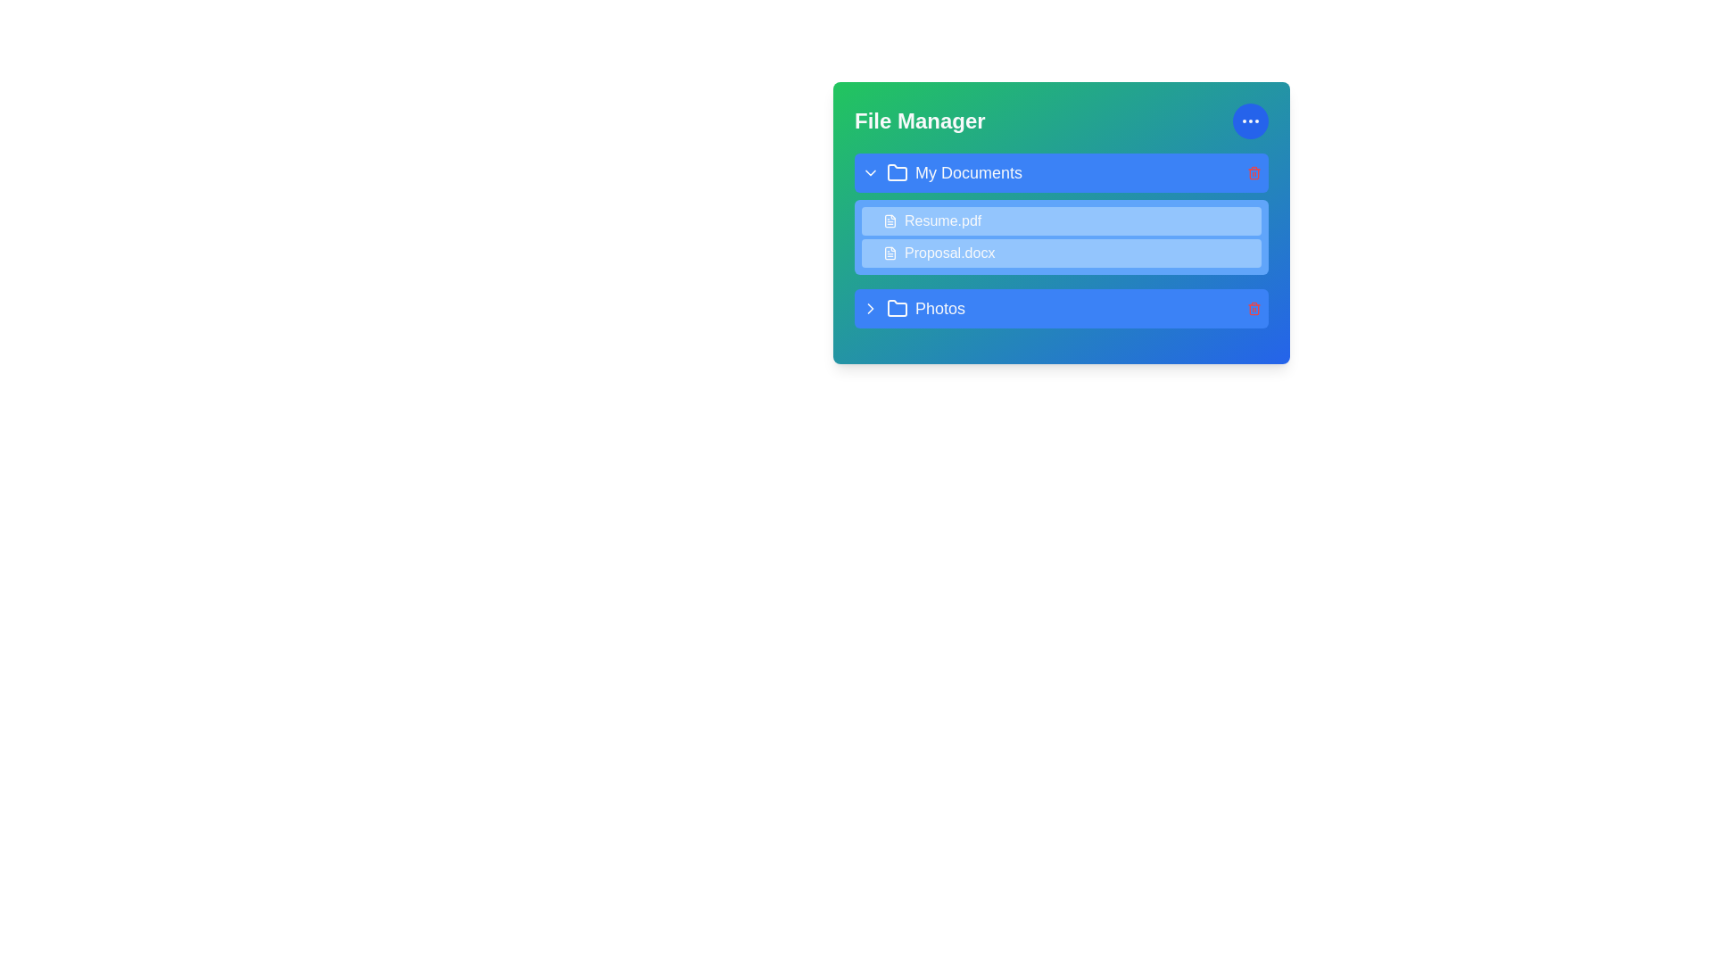  Describe the element at coordinates (1249, 120) in the screenshot. I see `the ellipsis icon within the circular button` at that location.